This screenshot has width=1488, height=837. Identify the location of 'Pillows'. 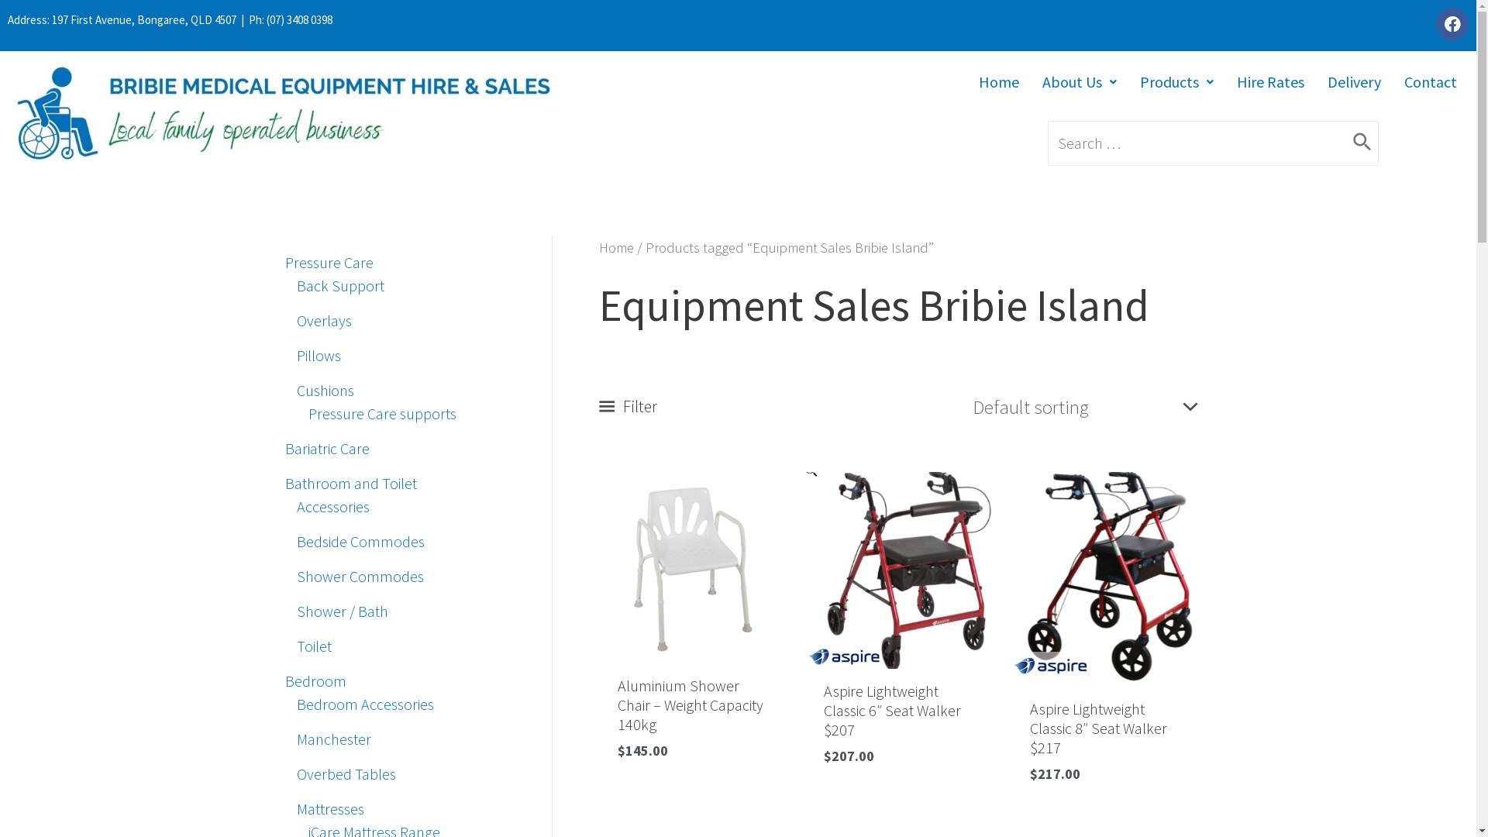
(317, 355).